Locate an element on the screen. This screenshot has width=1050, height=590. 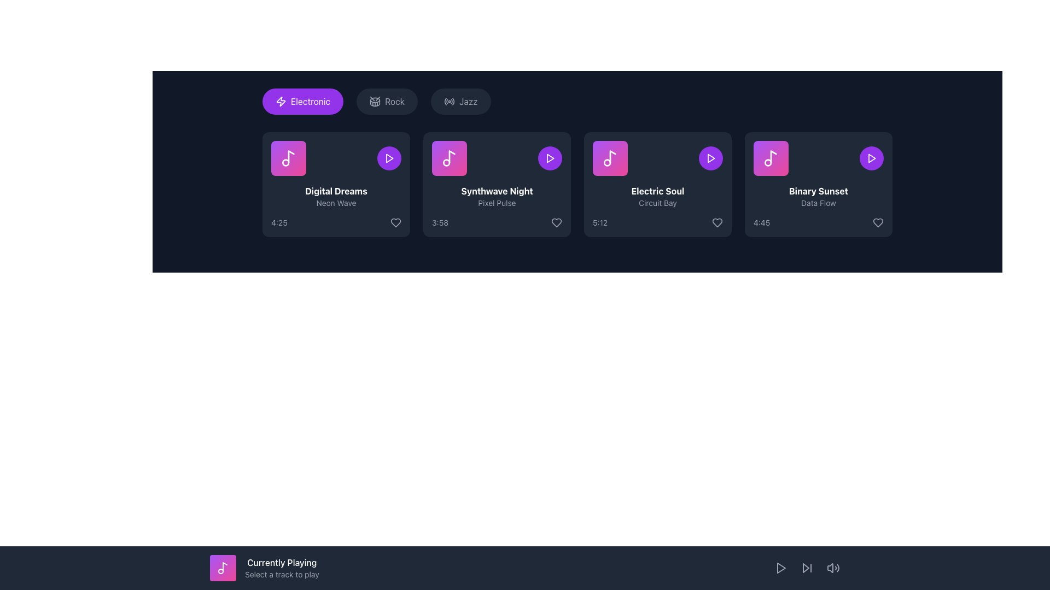
the play button located in the top-right corner of the 'Electric Soul' music card by 'Circuit Bay' is located at coordinates (711, 158).